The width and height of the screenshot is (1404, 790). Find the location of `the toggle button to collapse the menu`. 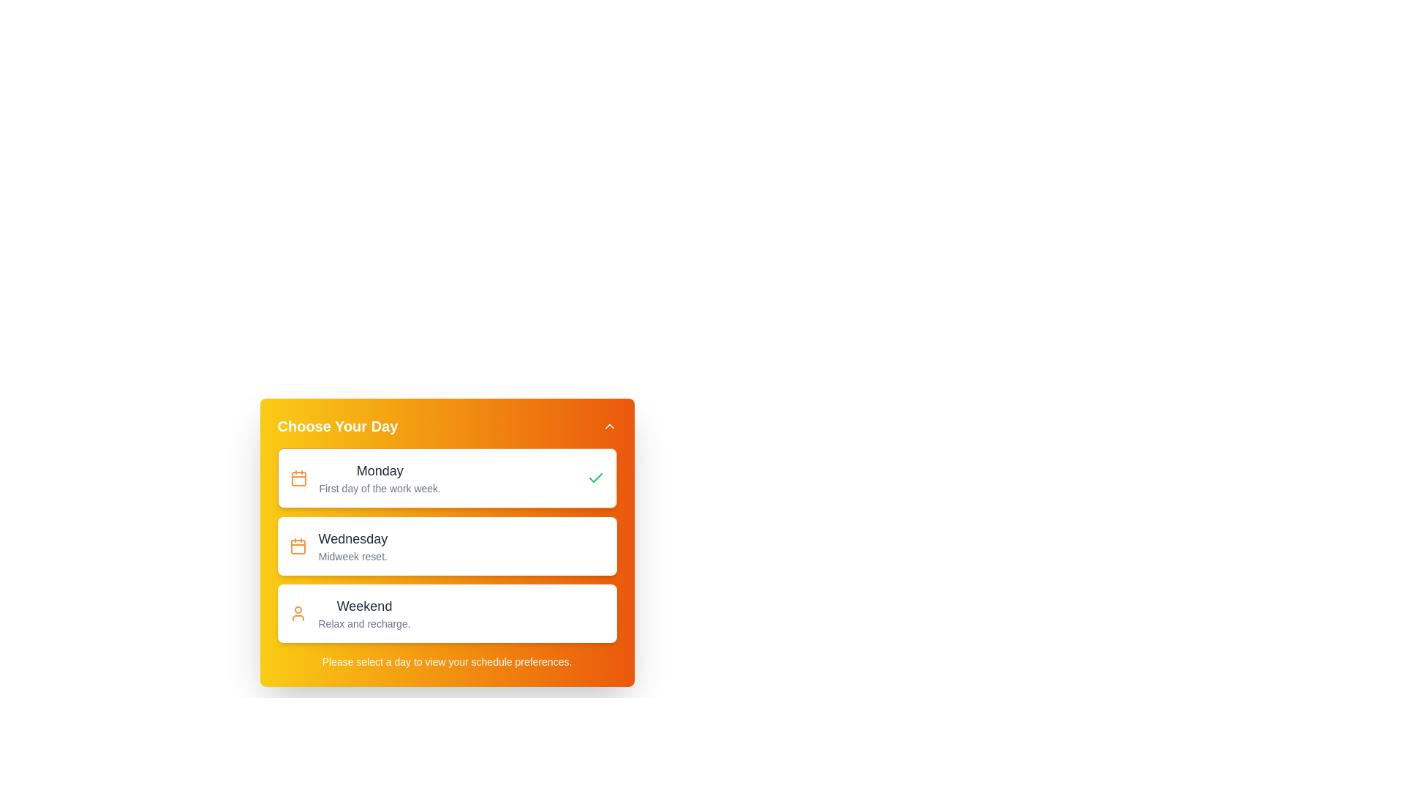

the toggle button to collapse the menu is located at coordinates (609, 426).